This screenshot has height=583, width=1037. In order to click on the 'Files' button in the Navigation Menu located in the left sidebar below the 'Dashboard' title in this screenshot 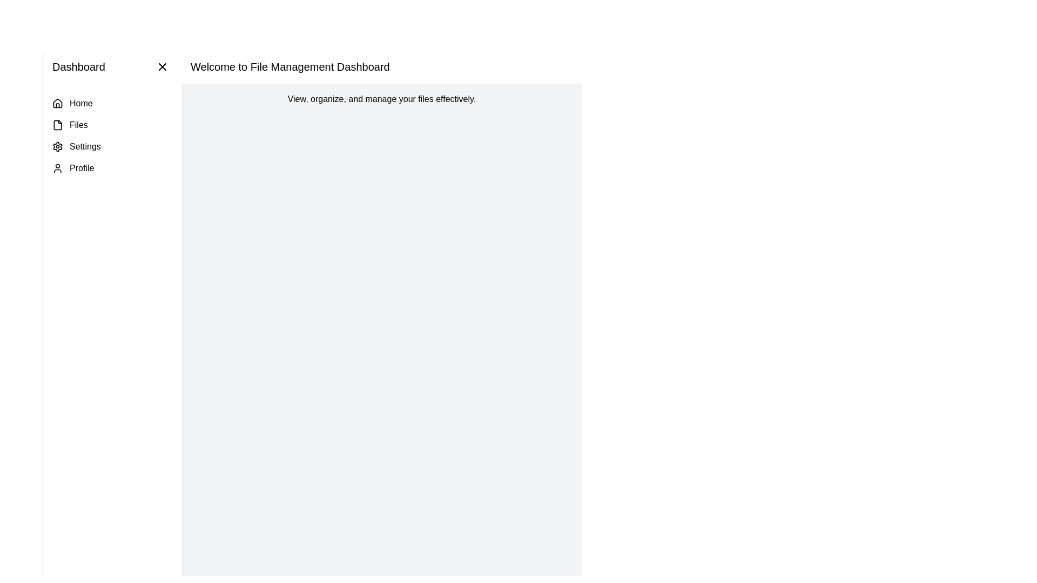, I will do `click(113, 135)`.